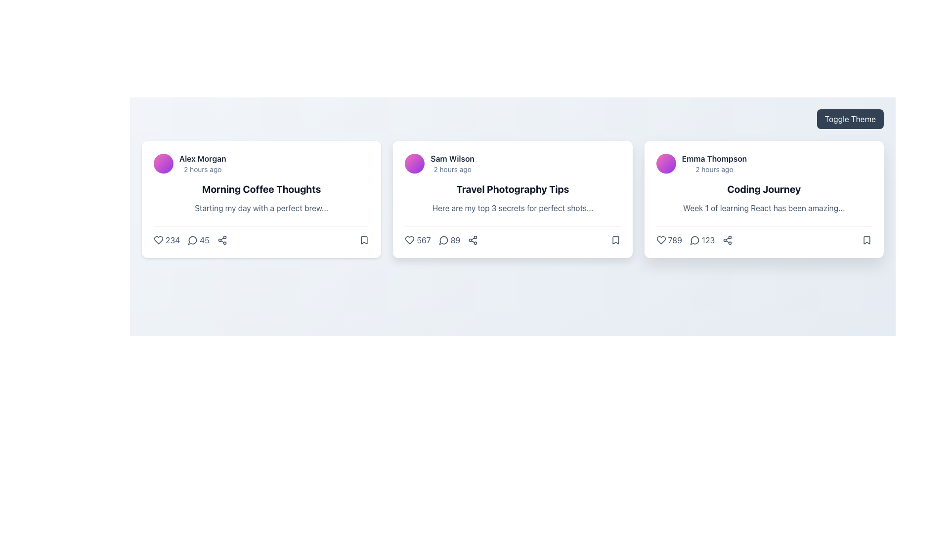  I want to click on the circular gradient element located to the left of 'Sam Wilson' and above '2 hours ago', so click(415, 163).